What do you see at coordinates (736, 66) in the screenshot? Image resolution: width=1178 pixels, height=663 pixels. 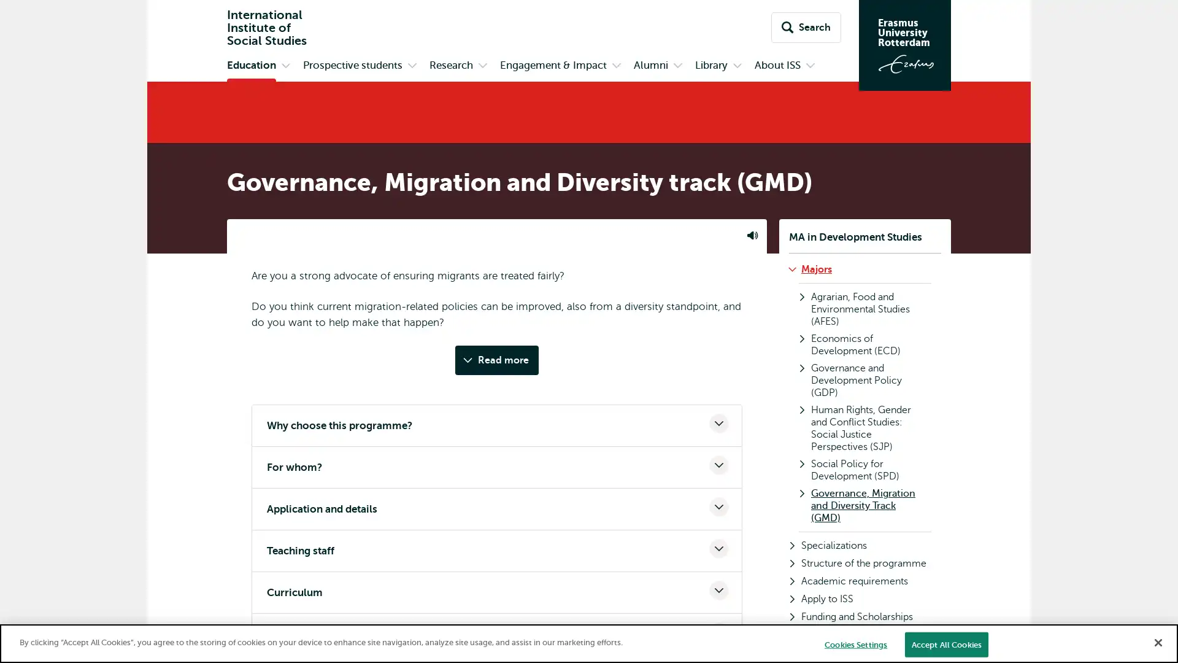 I see `Open submenu` at bounding box center [736, 66].